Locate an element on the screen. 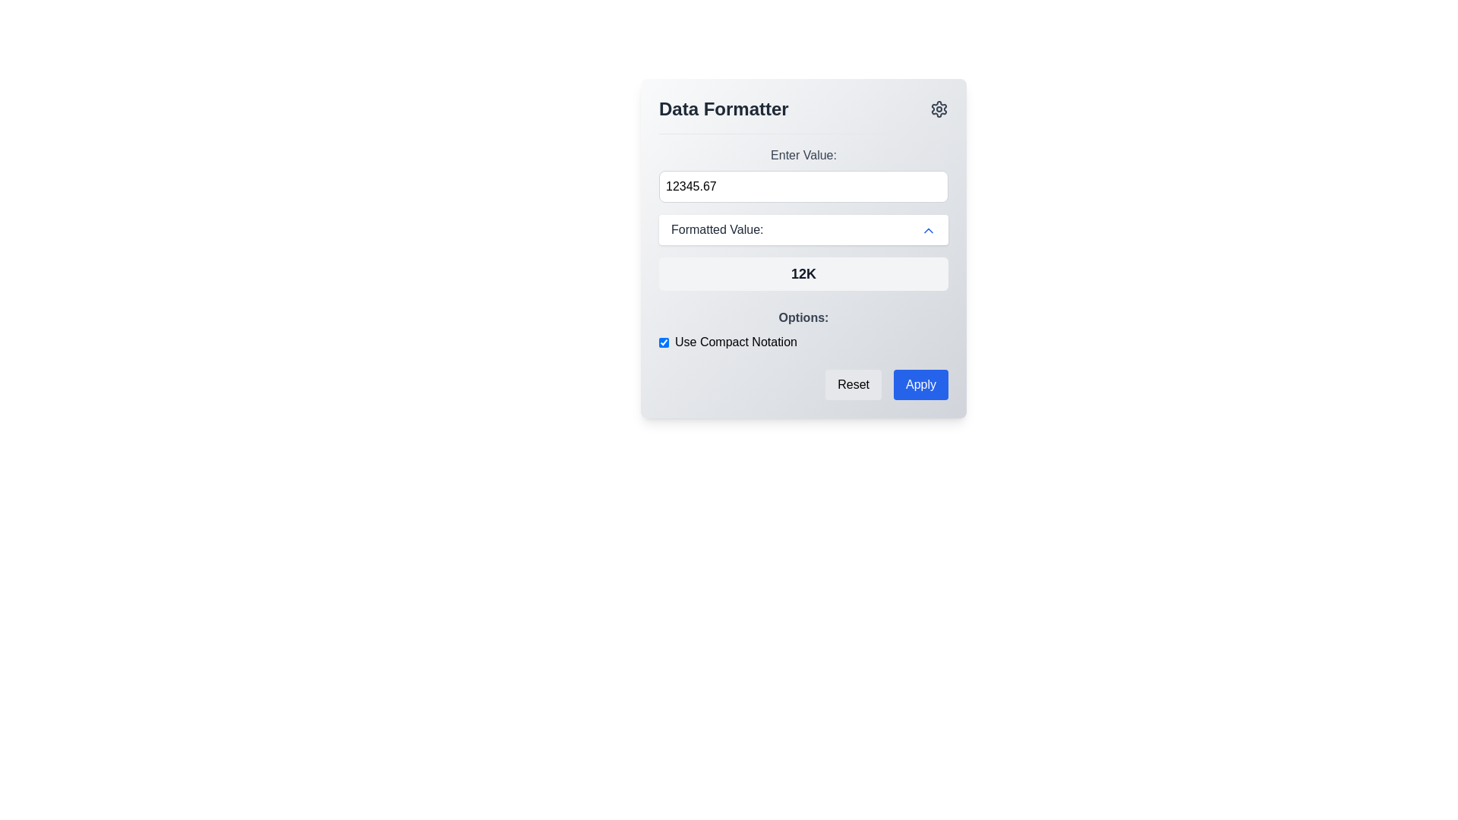 This screenshot has width=1458, height=820. the interactive text input box labeled 'Enter Value:' that is styled with a light gray outline and has a preset value of '12345.67' is located at coordinates (803, 174).